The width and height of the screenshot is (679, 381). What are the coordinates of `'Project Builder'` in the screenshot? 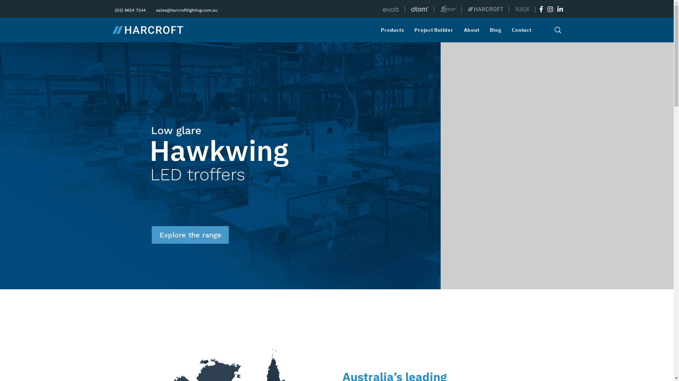 It's located at (435, 29).